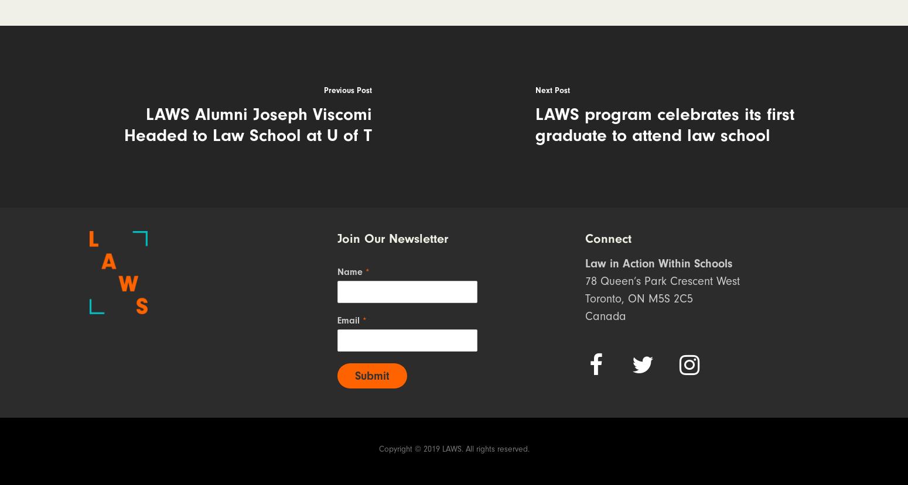  What do you see at coordinates (584, 316) in the screenshot?
I see `'Canada'` at bounding box center [584, 316].